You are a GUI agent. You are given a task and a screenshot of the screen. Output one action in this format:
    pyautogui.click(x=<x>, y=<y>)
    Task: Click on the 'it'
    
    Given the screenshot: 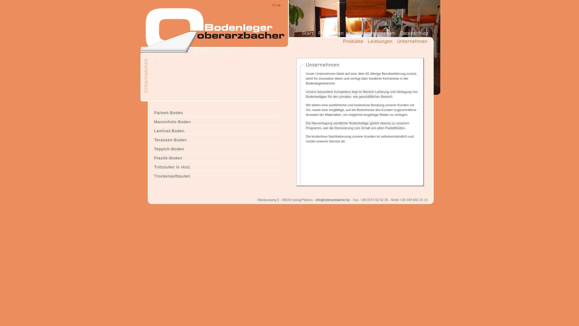 What is the action you would take?
    pyautogui.click(x=273, y=5)
    